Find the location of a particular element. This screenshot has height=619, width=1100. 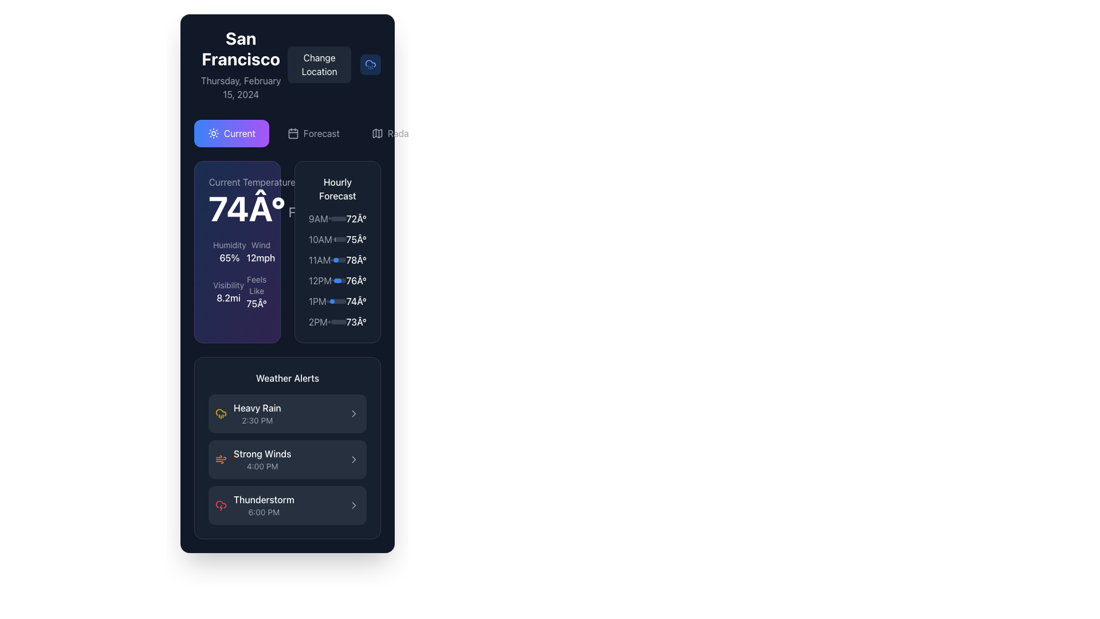

the Weather forecast row element displaying '2PM' with a temperature of '73°' in the Hourly Forecast section is located at coordinates (337, 322).